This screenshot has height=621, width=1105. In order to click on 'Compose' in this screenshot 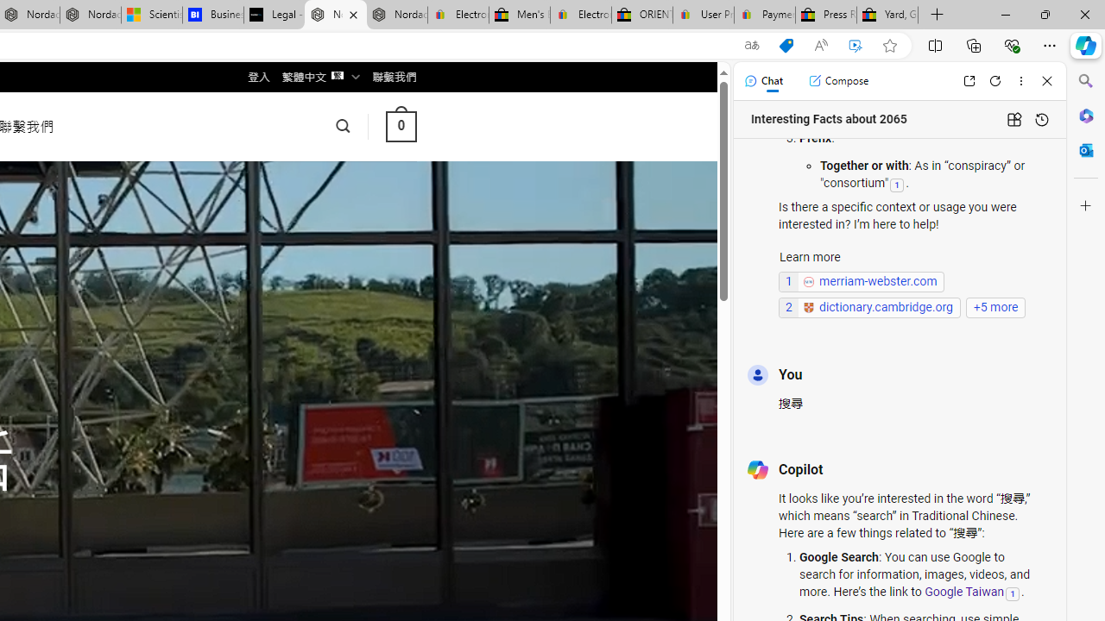, I will do `click(838, 80)`.